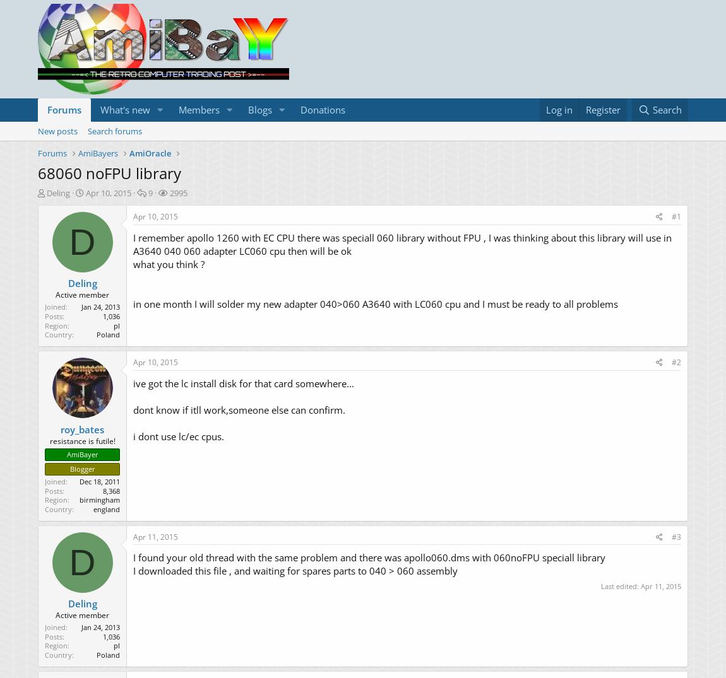  What do you see at coordinates (676, 536) in the screenshot?
I see `'#3'` at bounding box center [676, 536].